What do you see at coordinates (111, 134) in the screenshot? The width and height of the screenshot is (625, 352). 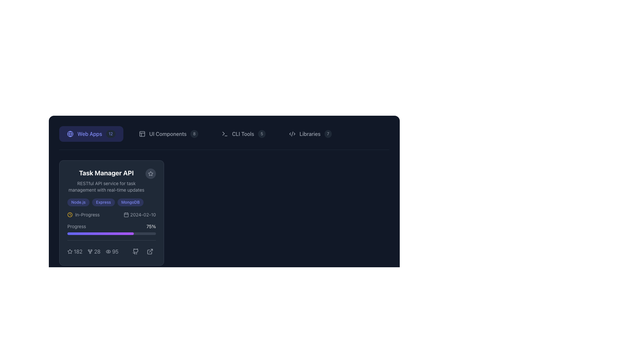 I see `the circular badge with a dark gray background displaying the text '12', located in the 'Web Apps' section` at bounding box center [111, 134].